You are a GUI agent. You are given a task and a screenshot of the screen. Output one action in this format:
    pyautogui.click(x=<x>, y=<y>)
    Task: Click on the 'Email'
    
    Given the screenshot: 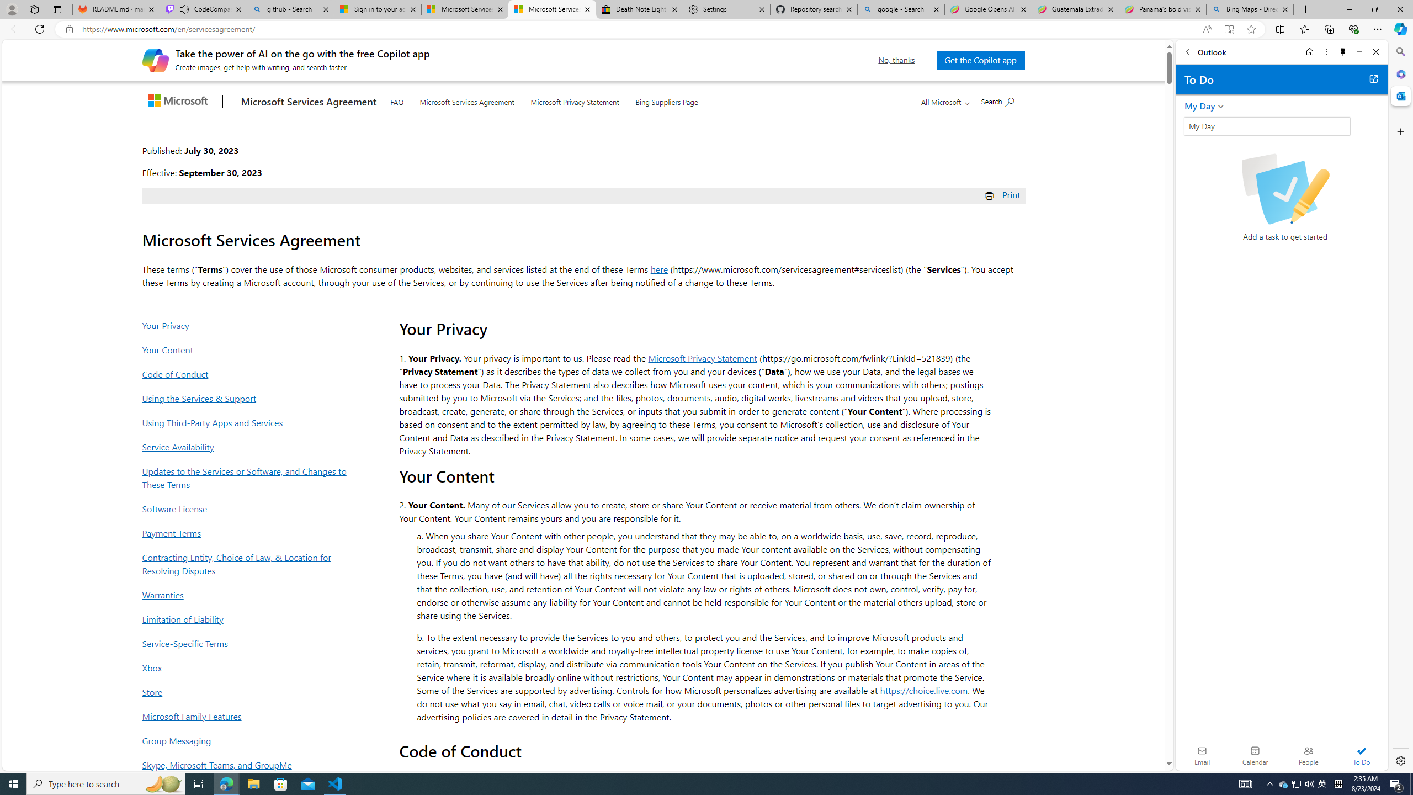 What is the action you would take?
    pyautogui.click(x=1202, y=755)
    